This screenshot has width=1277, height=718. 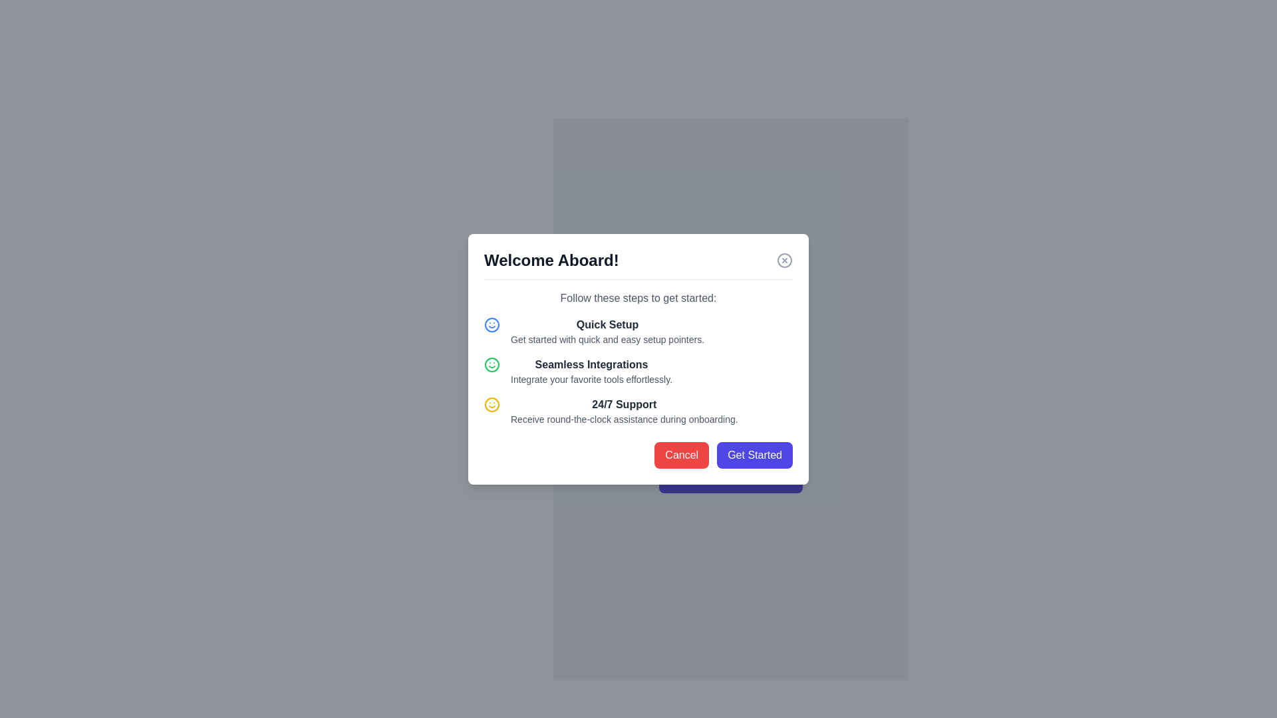 What do you see at coordinates (491, 404) in the screenshot?
I see `the decorative SVG circle that is part of the smiley face icon located to the left of the 'Quick Setup' label in the onboarding modal` at bounding box center [491, 404].